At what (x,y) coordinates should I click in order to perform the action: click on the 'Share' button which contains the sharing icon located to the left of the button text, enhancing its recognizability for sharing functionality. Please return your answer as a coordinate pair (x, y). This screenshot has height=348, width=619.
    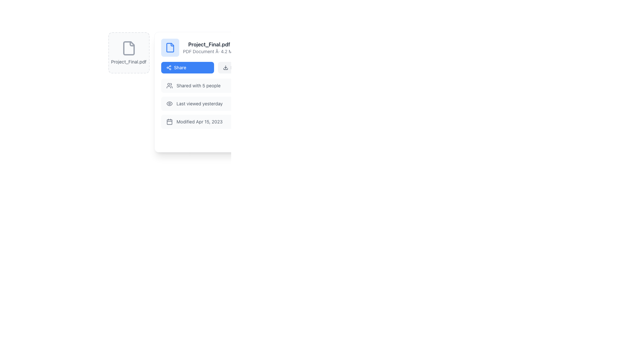
    Looking at the image, I should click on (169, 67).